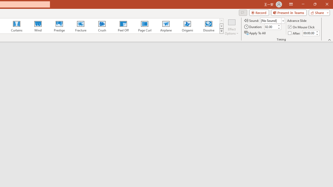 This screenshot has height=187, width=333. I want to click on 'Effect Options', so click(231, 27).